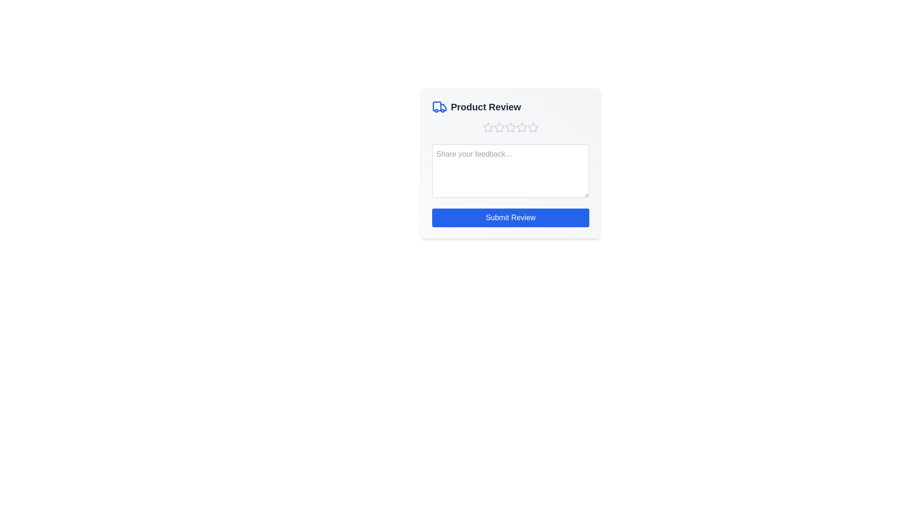  I want to click on the 'Submit Review' button to submit the review, so click(510, 218).